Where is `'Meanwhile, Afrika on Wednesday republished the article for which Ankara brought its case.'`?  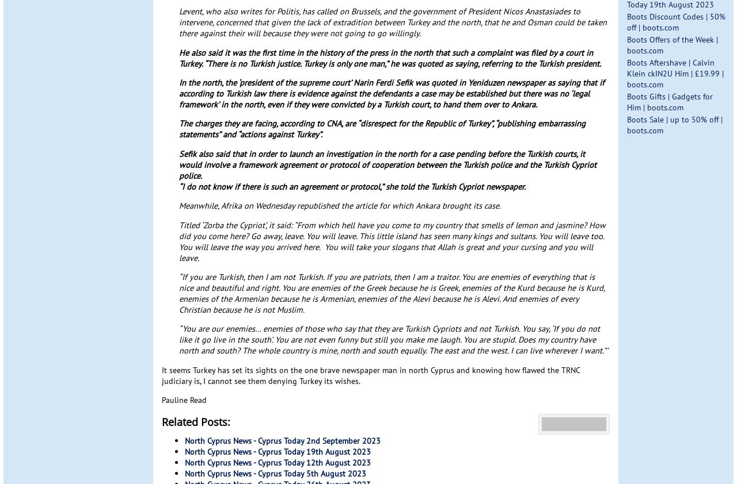 'Meanwhile, Afrika on Wednesday republished the article for which Ankara brought its case.' is located at coordinates (339, 205).